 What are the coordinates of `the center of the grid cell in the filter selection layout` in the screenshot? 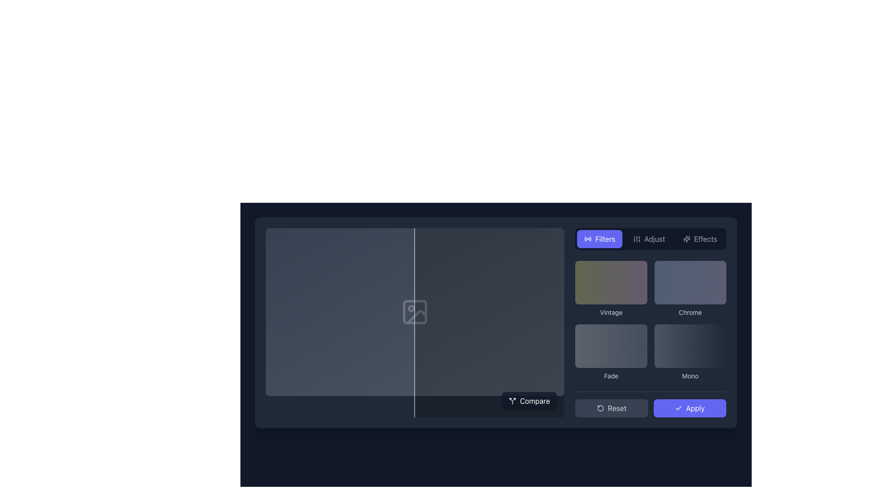 It's located at (650, 320).